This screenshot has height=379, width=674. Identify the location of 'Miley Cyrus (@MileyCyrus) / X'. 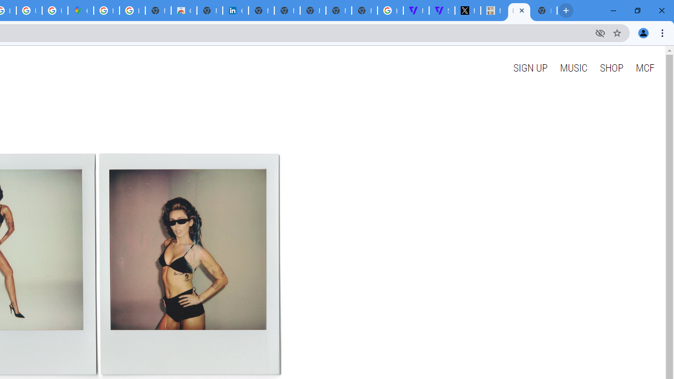
(467, 11).